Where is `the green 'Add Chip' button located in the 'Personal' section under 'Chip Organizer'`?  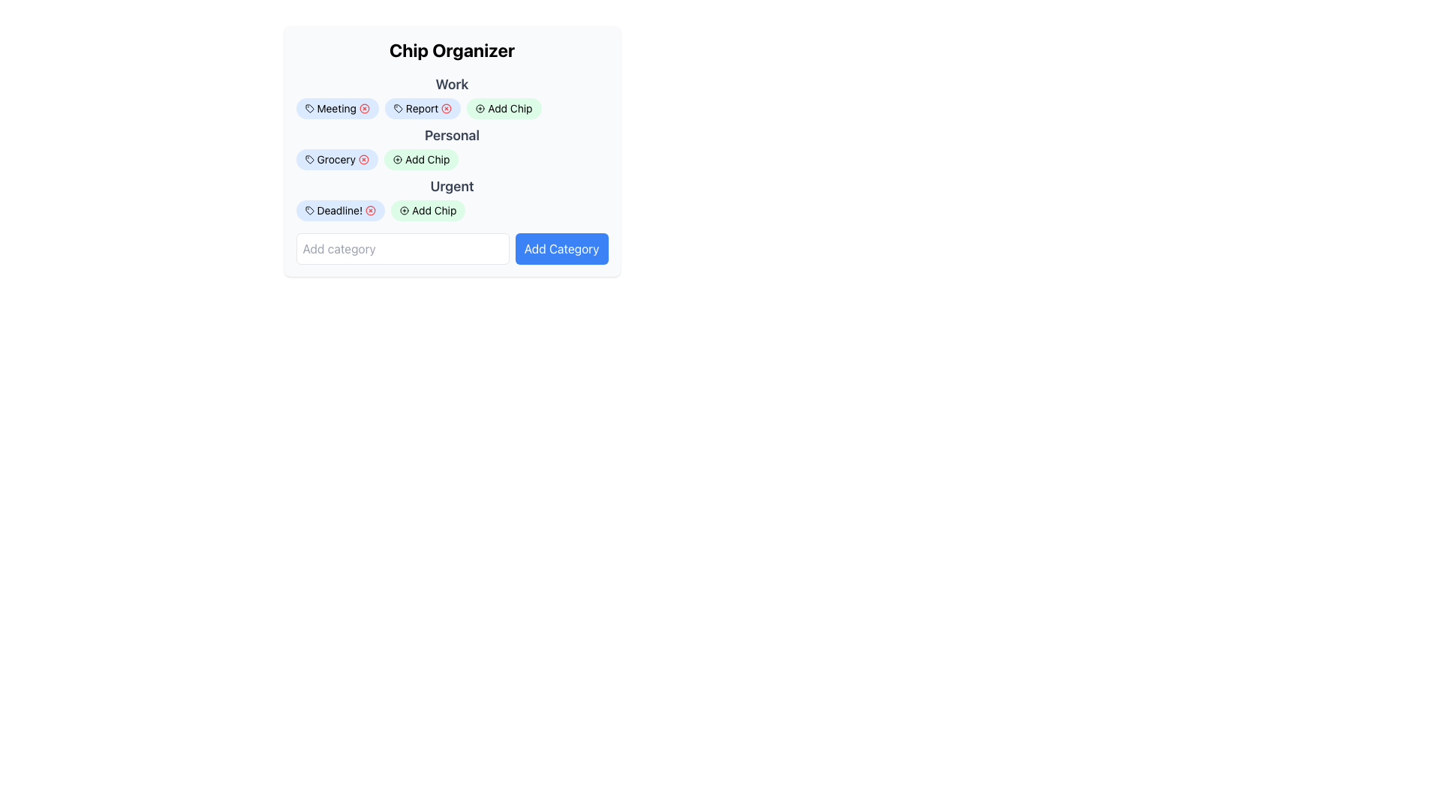
the green 'Add Chip' button located in the 'Personal' section under 'Chip Organizer' is located at coordinates (451, 151).